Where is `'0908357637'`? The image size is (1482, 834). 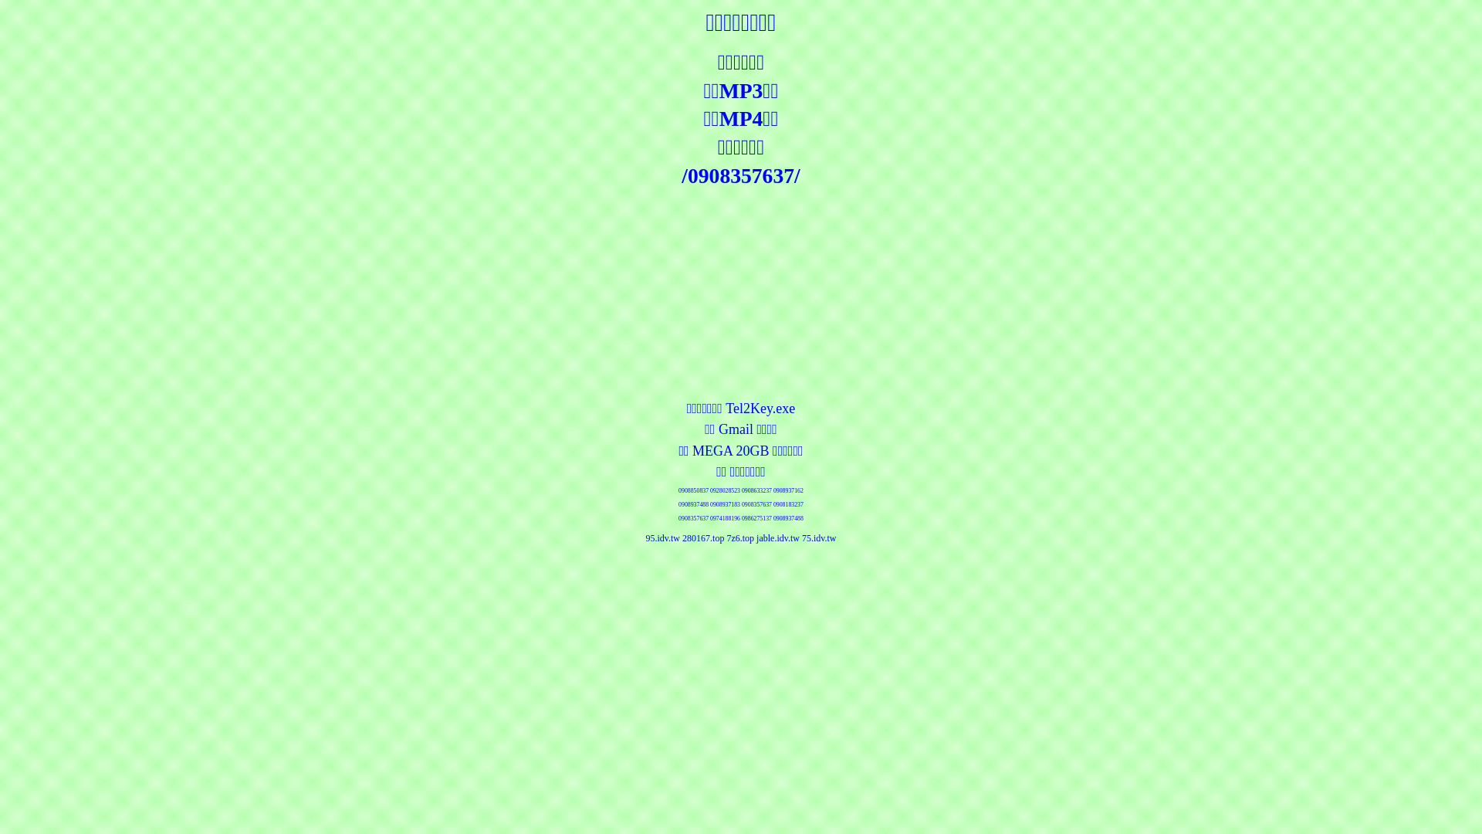
'0908357637' is located at coordinates (692, 518).